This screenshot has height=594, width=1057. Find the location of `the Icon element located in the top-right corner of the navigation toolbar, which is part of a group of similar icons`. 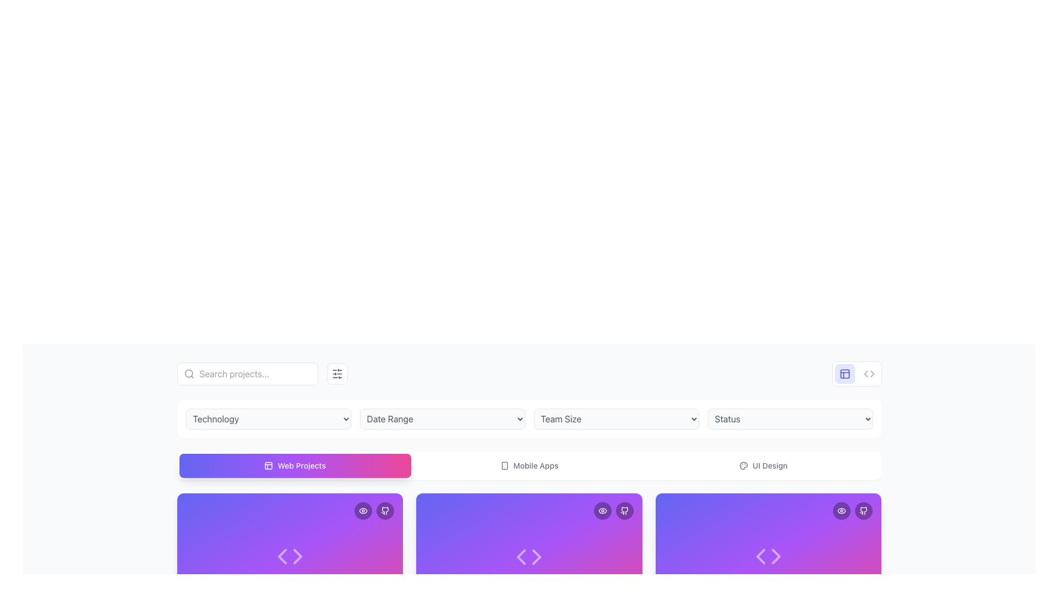

the Icon element located in the top-right corner of the navigation toolbar, which is part of a group of similar icons is located at coordinates (844, 373).